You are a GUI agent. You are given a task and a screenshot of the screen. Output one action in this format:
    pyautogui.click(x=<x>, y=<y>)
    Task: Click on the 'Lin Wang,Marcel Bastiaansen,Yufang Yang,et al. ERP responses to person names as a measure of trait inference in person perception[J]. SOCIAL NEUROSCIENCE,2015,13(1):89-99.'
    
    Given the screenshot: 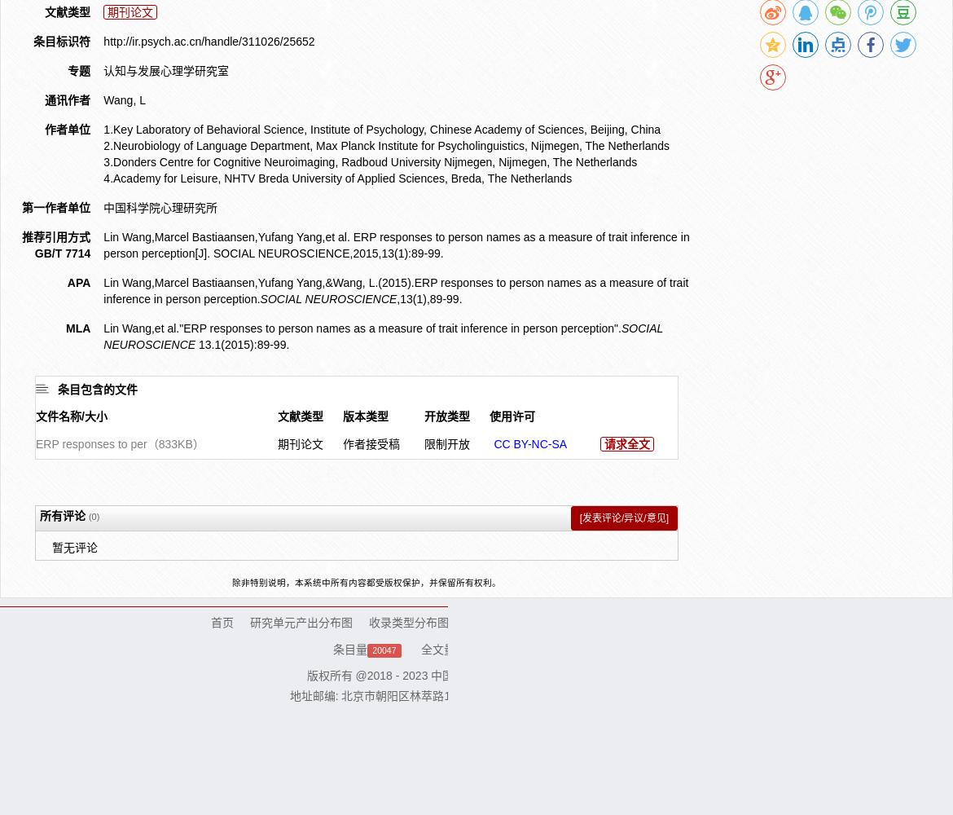 What is the action you would take?
    pyautogui.click(x=102, y=244)
    